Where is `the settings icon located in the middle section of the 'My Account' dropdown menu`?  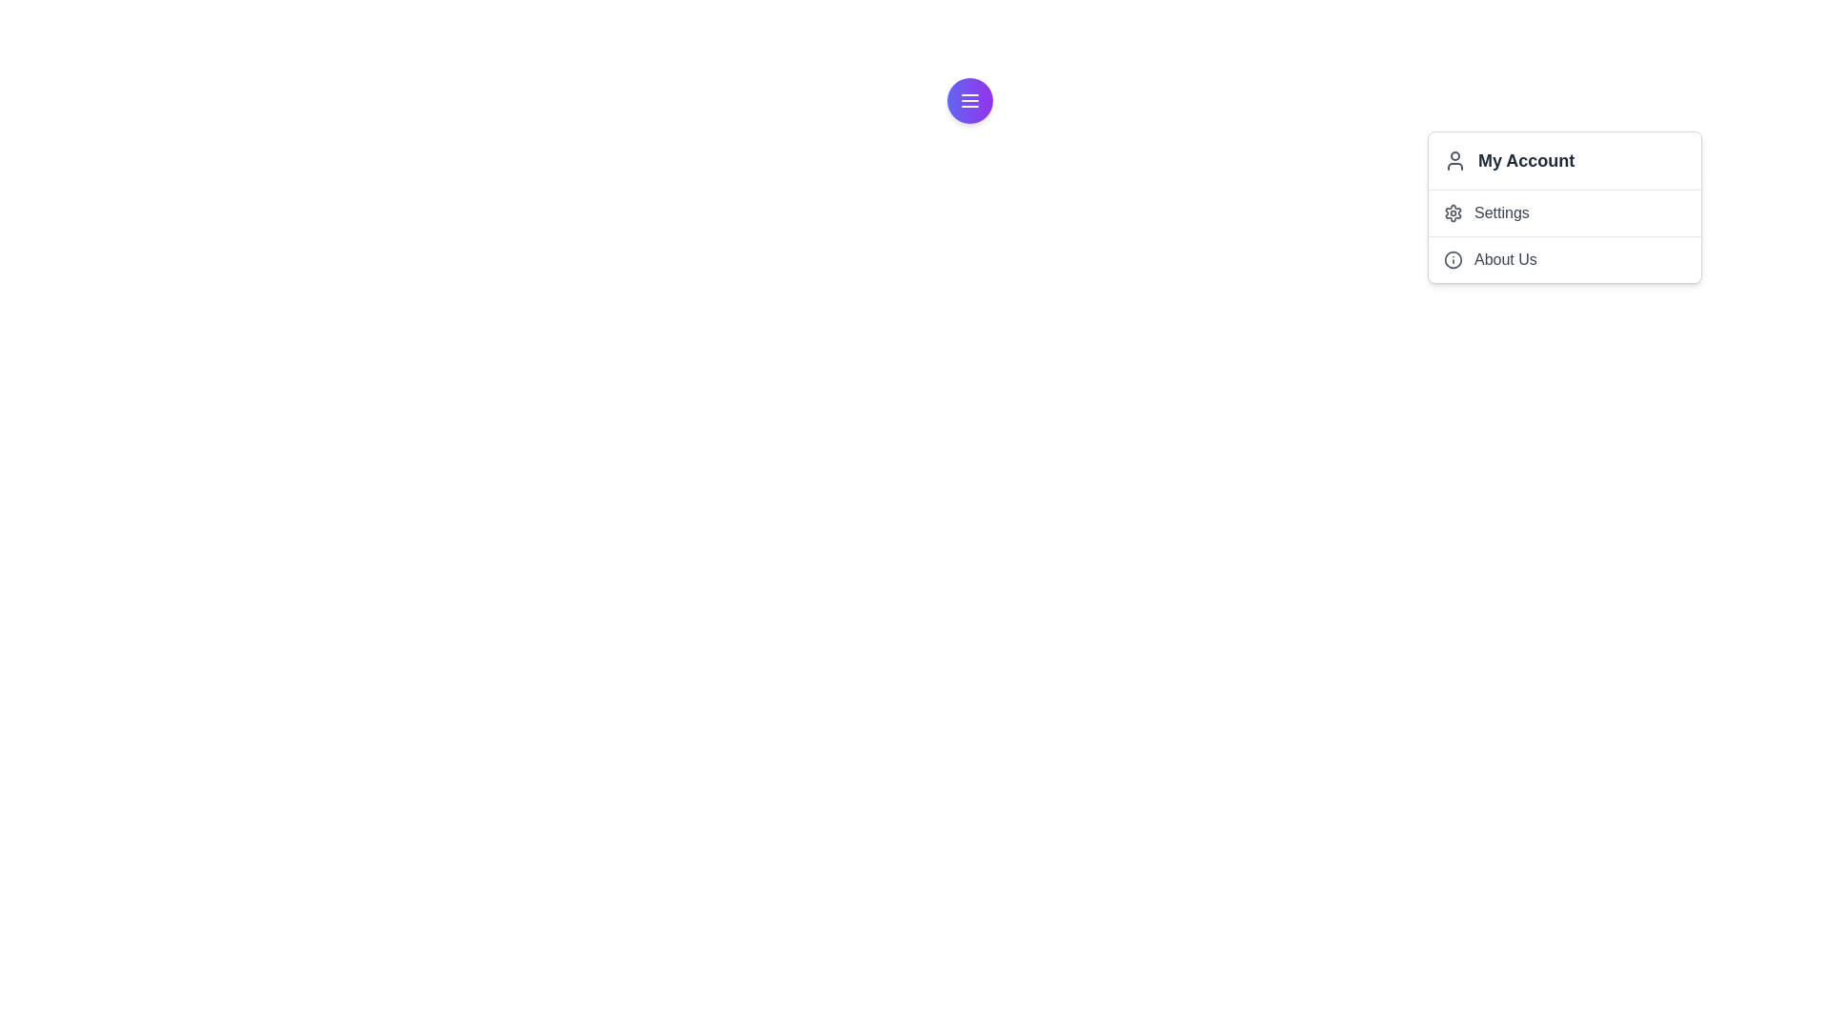 the settings icon located in the middle section of the 'My Account' dropdown menu is located at coordinates (1453, 212).